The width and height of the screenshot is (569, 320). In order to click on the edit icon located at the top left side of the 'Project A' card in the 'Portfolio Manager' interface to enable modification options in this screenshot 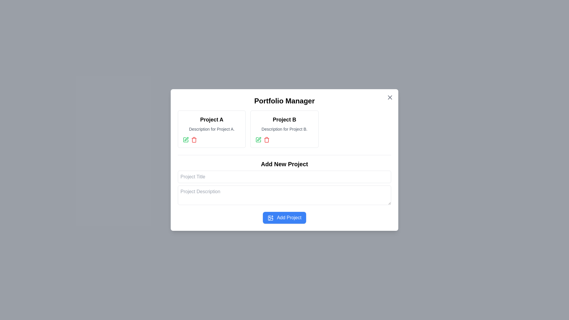, I will do `click(258, 140)`.